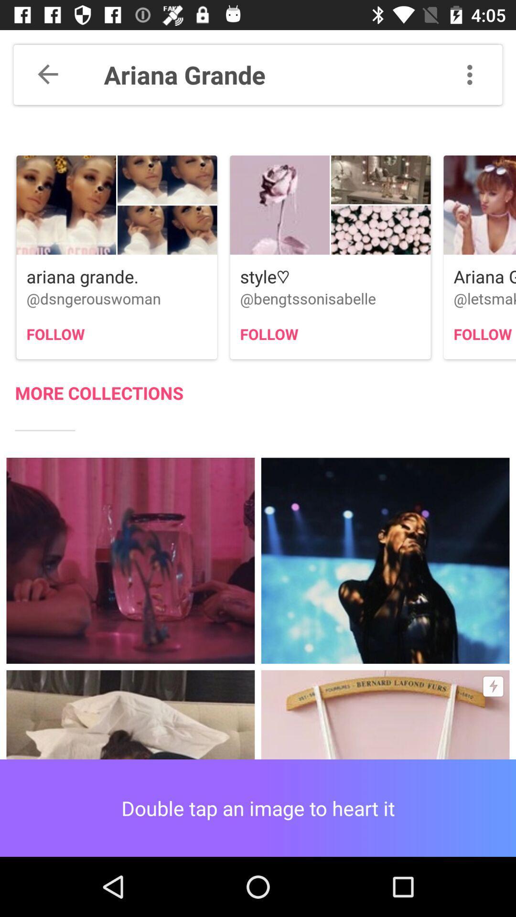 The height and width of the screenshot is (917, 516). I want to click on the image below three dots, so click(480, 204).